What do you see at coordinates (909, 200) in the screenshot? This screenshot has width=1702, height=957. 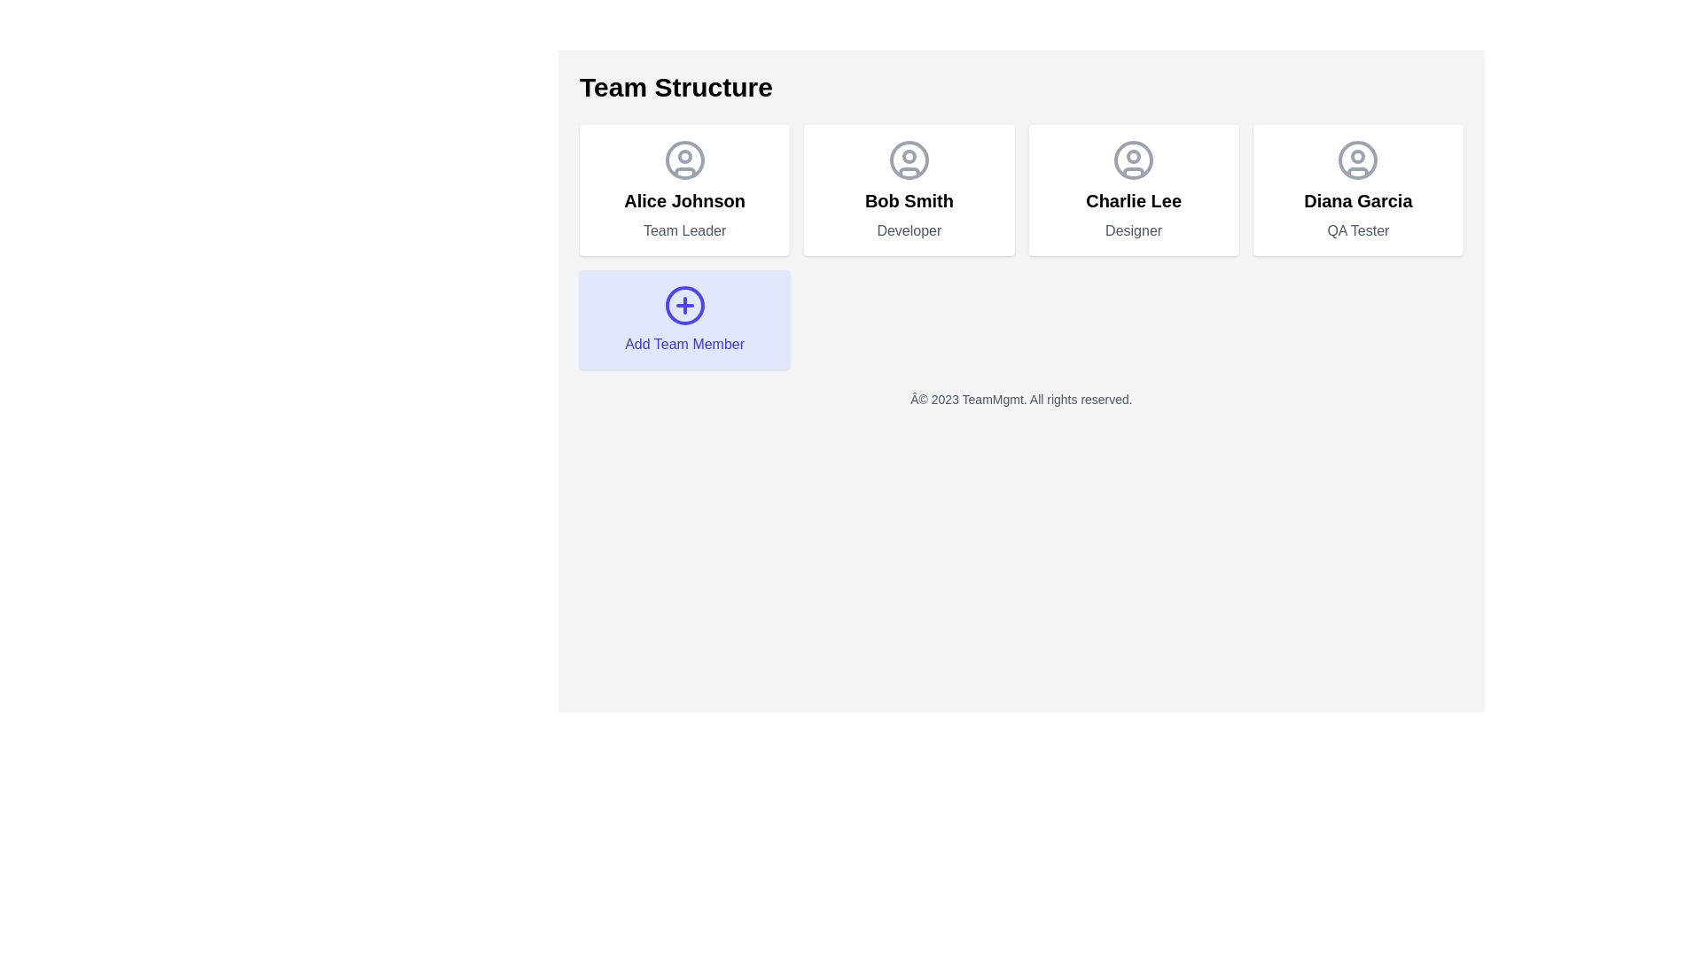 I see `Text Label that identifies the individual 'Bob Smith', located in the second column of the grid under the heading 'Team Structure', above the text 'Developer'` at bounding box center [909, 200].